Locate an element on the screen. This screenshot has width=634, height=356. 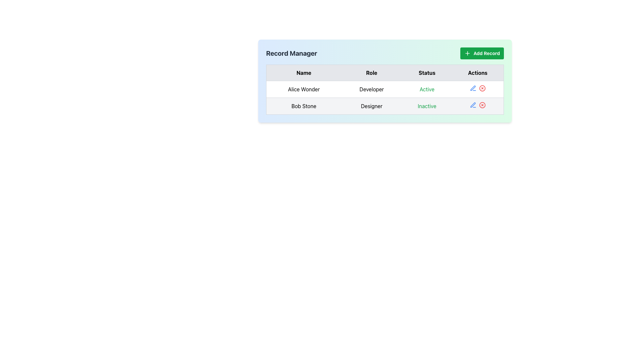
the text 'Bob Stone' which is styled in black and located in the first cell of the second row under the 'Name' column in the table is located at coordinates (303, 105).